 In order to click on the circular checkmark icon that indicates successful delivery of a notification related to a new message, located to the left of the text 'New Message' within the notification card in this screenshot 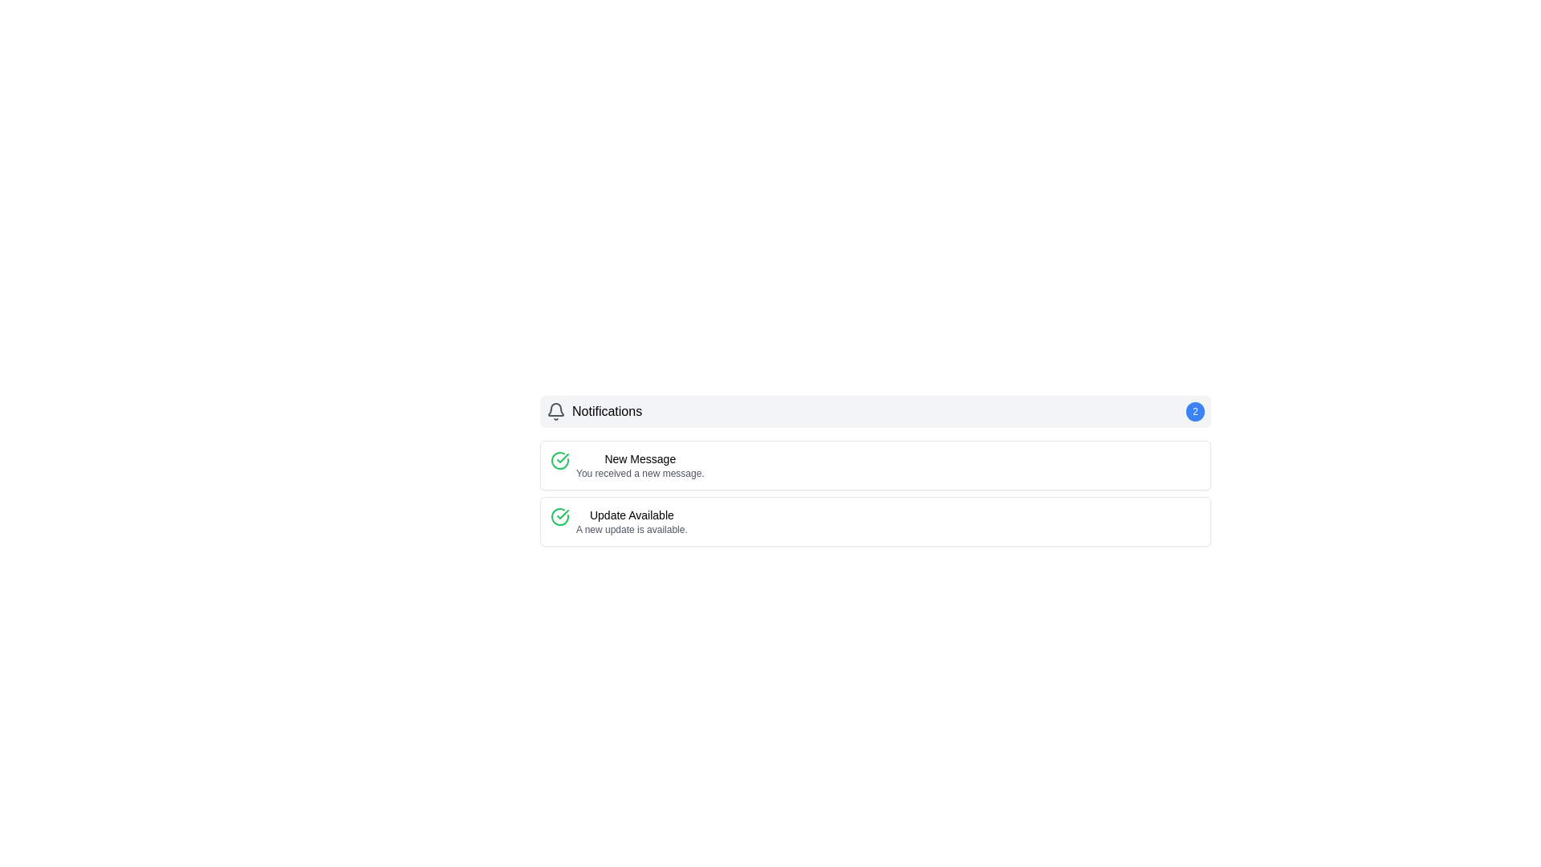, I will do `click(559, 461)`.